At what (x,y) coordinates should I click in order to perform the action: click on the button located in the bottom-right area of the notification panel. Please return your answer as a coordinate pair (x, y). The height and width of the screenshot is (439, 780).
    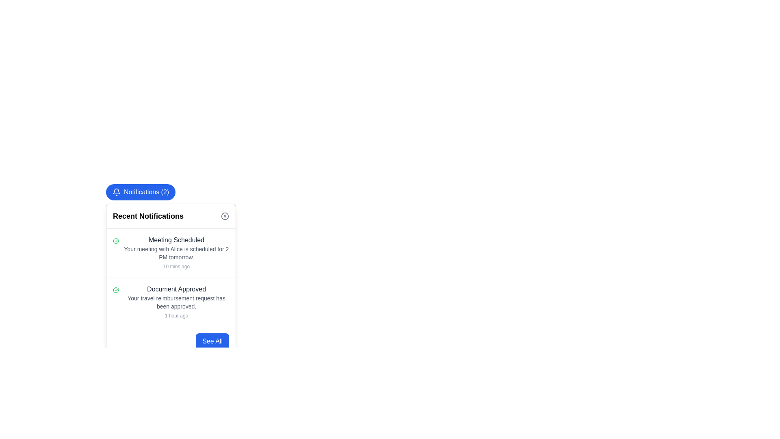
    Looking at the image, I should click on (171, 341).